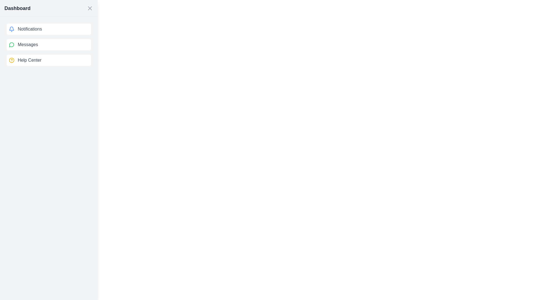 This screenshot has width=533, height=300. I want to click on the bell icon at the top of the sidebar menu, so click(12, 29).